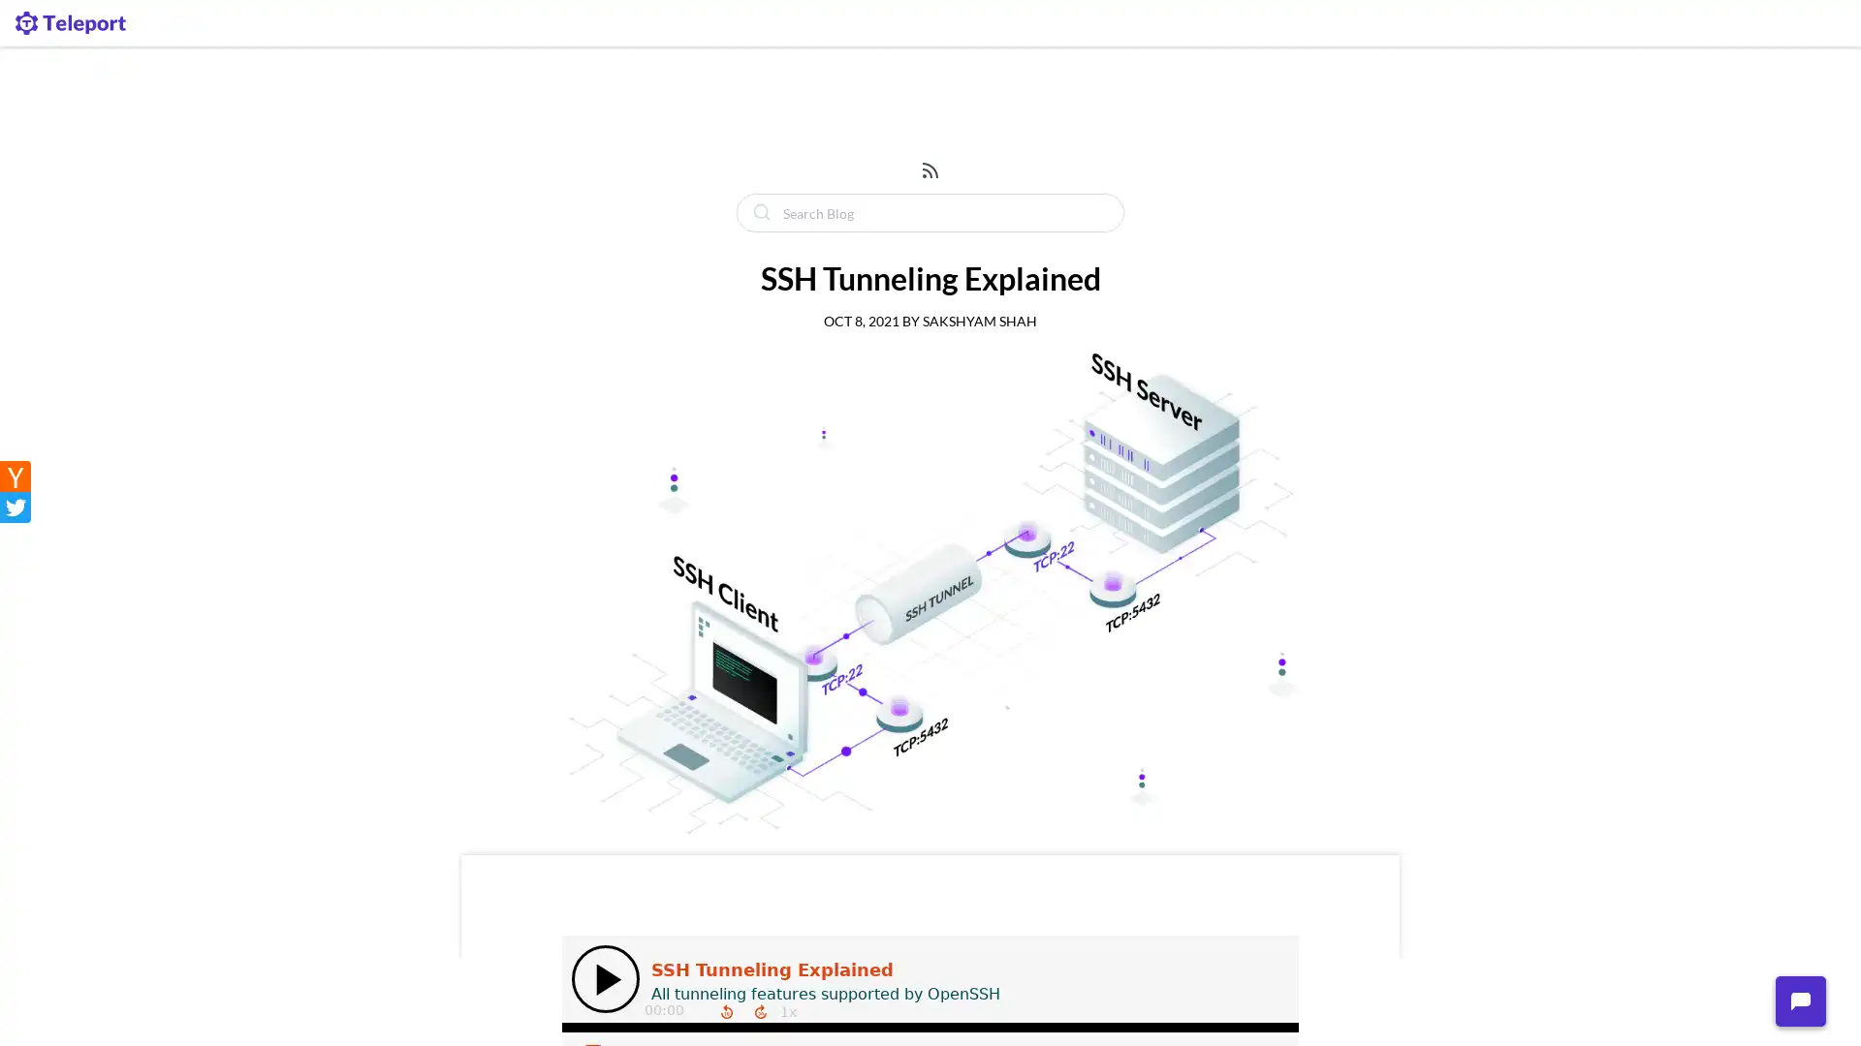  I want to click on Load Chat, so click(1799, 1000).